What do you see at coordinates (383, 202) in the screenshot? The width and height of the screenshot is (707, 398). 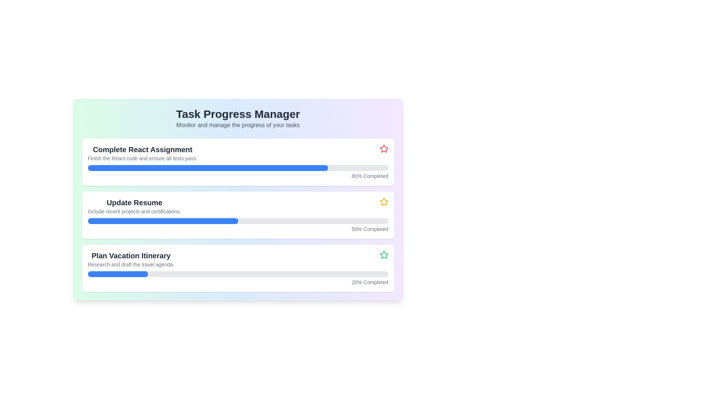 I see `the star icon located at the top-right corner of the 'Update Resume' card, which serves as a favorite or priority marker for the associated task` at bounding box center [383, 202].